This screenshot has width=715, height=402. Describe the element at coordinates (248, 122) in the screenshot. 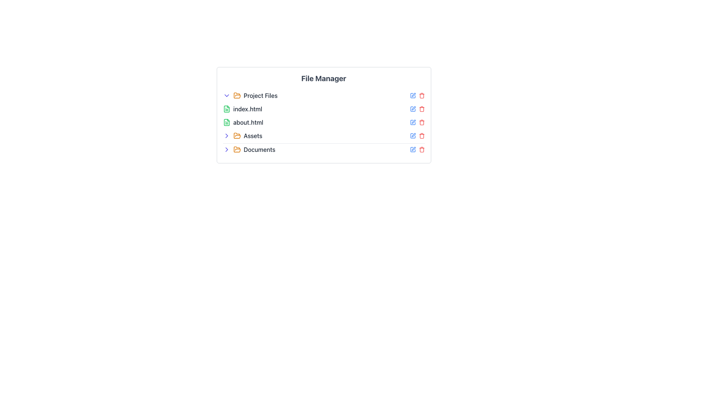

I see `text from the Text Label displaying 'about.html' in the file listing interface, which is styled in medium font weight and dark gray color` at that location.